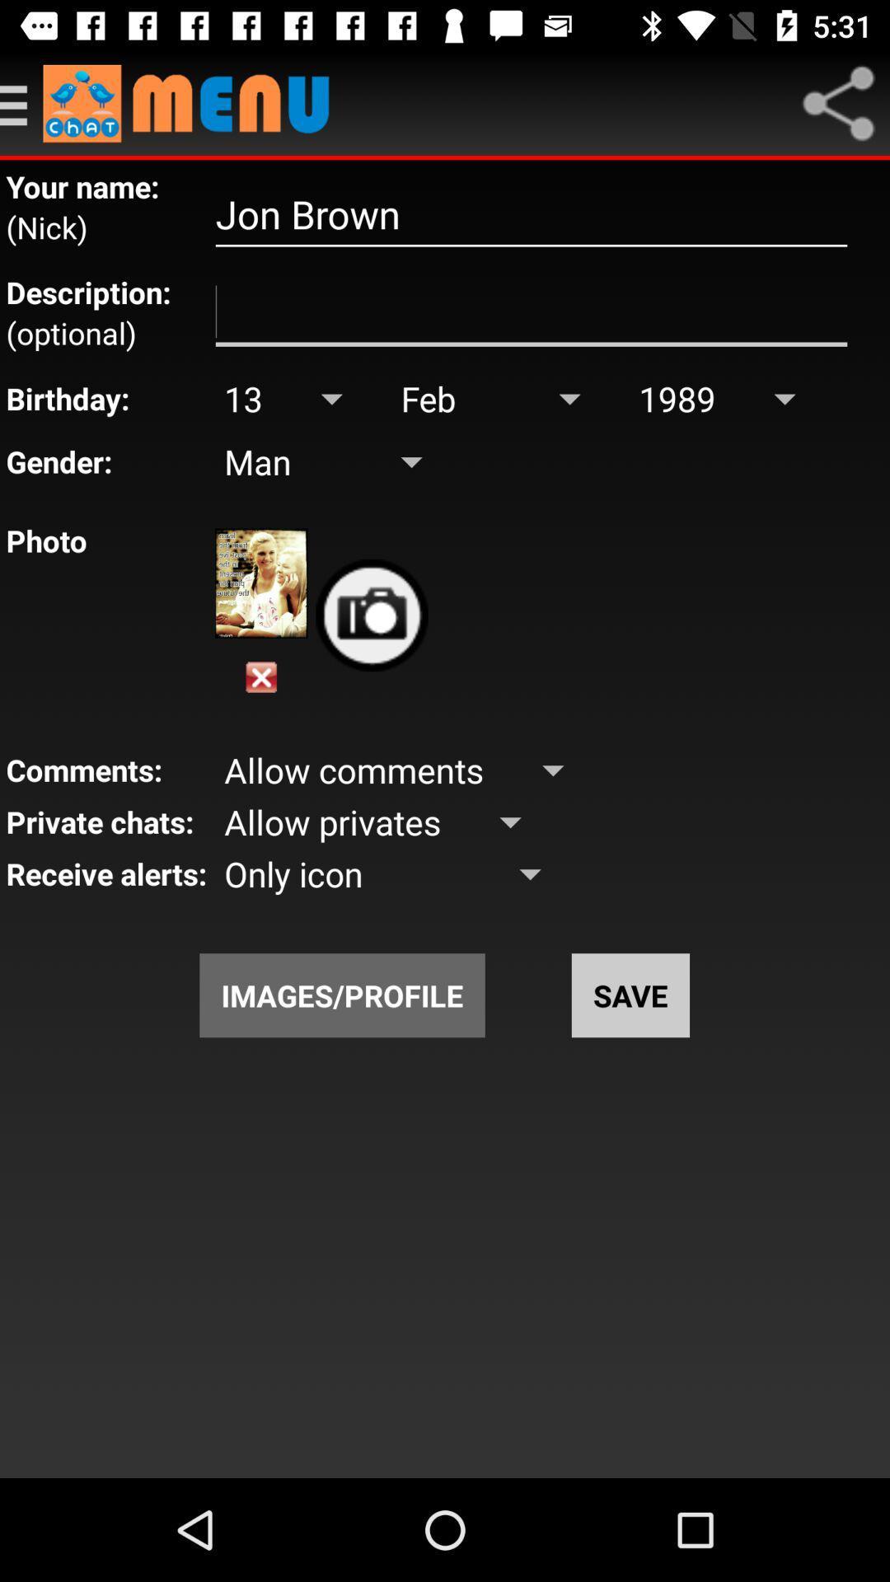 Image resolution: width=890 pixels, height=1582 pixels. I want to click on button, so click(260, 677).